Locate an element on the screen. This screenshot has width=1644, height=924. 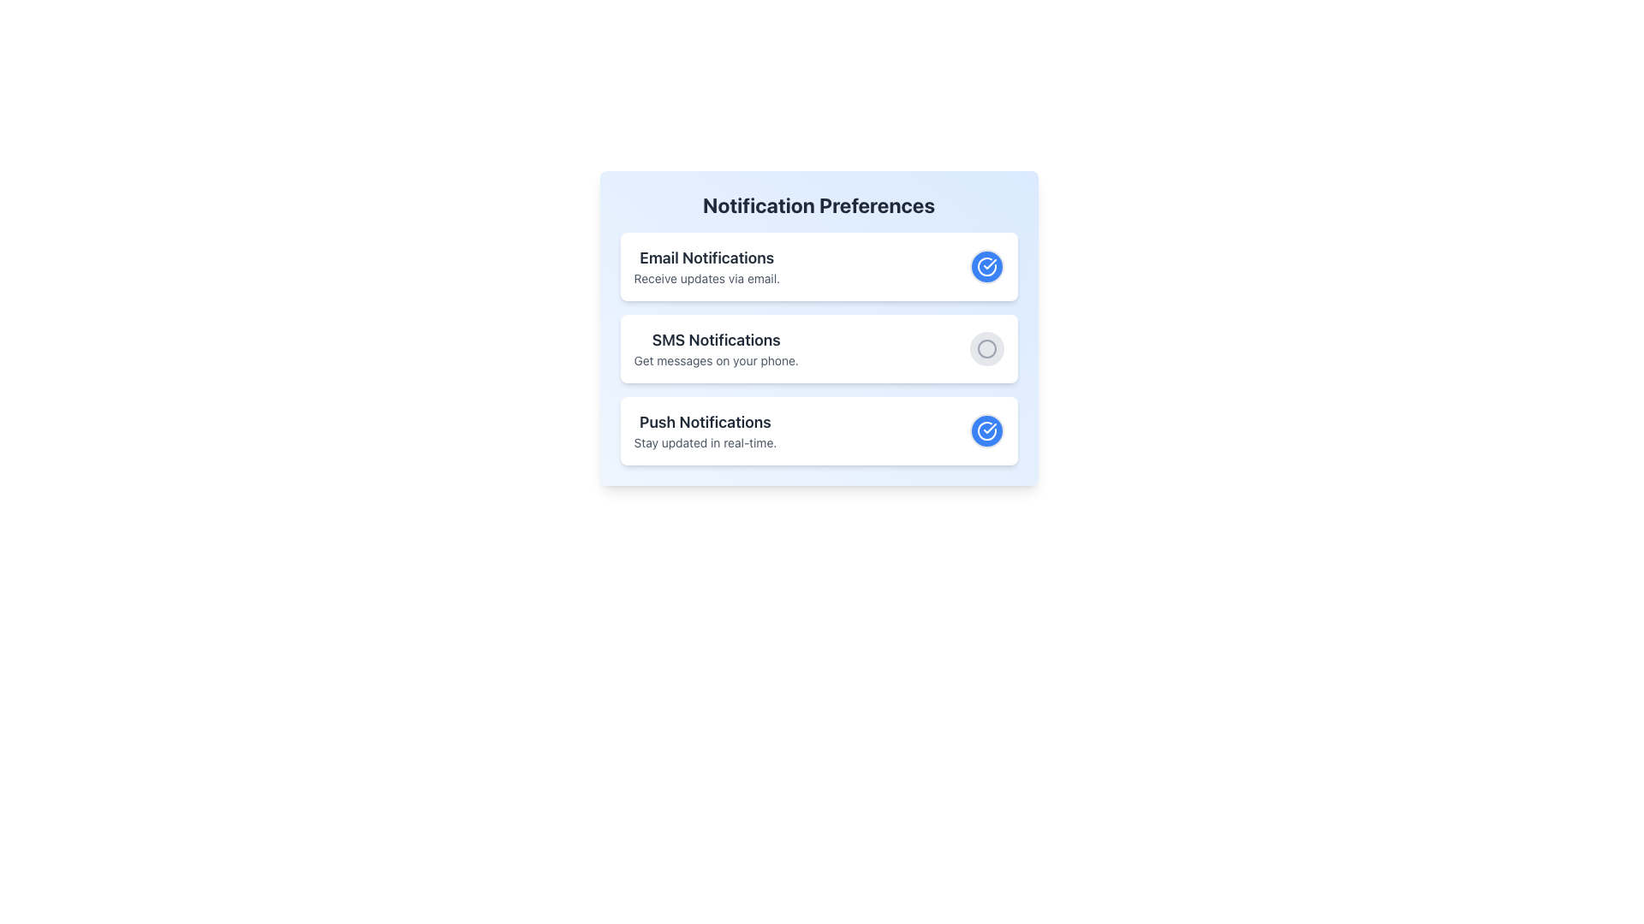
text of the 'Push Notifications' label, which is styled in bold and serves as a heading within the Notification Preferences section is located at coordinates (705, 422).